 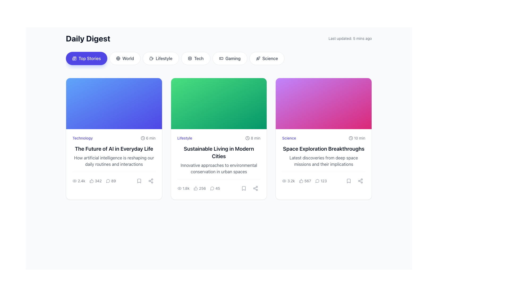 I want to click on the small text label displaying 'Lifestyle' in blue font located at the top left corner of the green article card titled 'Sustainable Living in Modern Cities', so click(x=185, y=138).